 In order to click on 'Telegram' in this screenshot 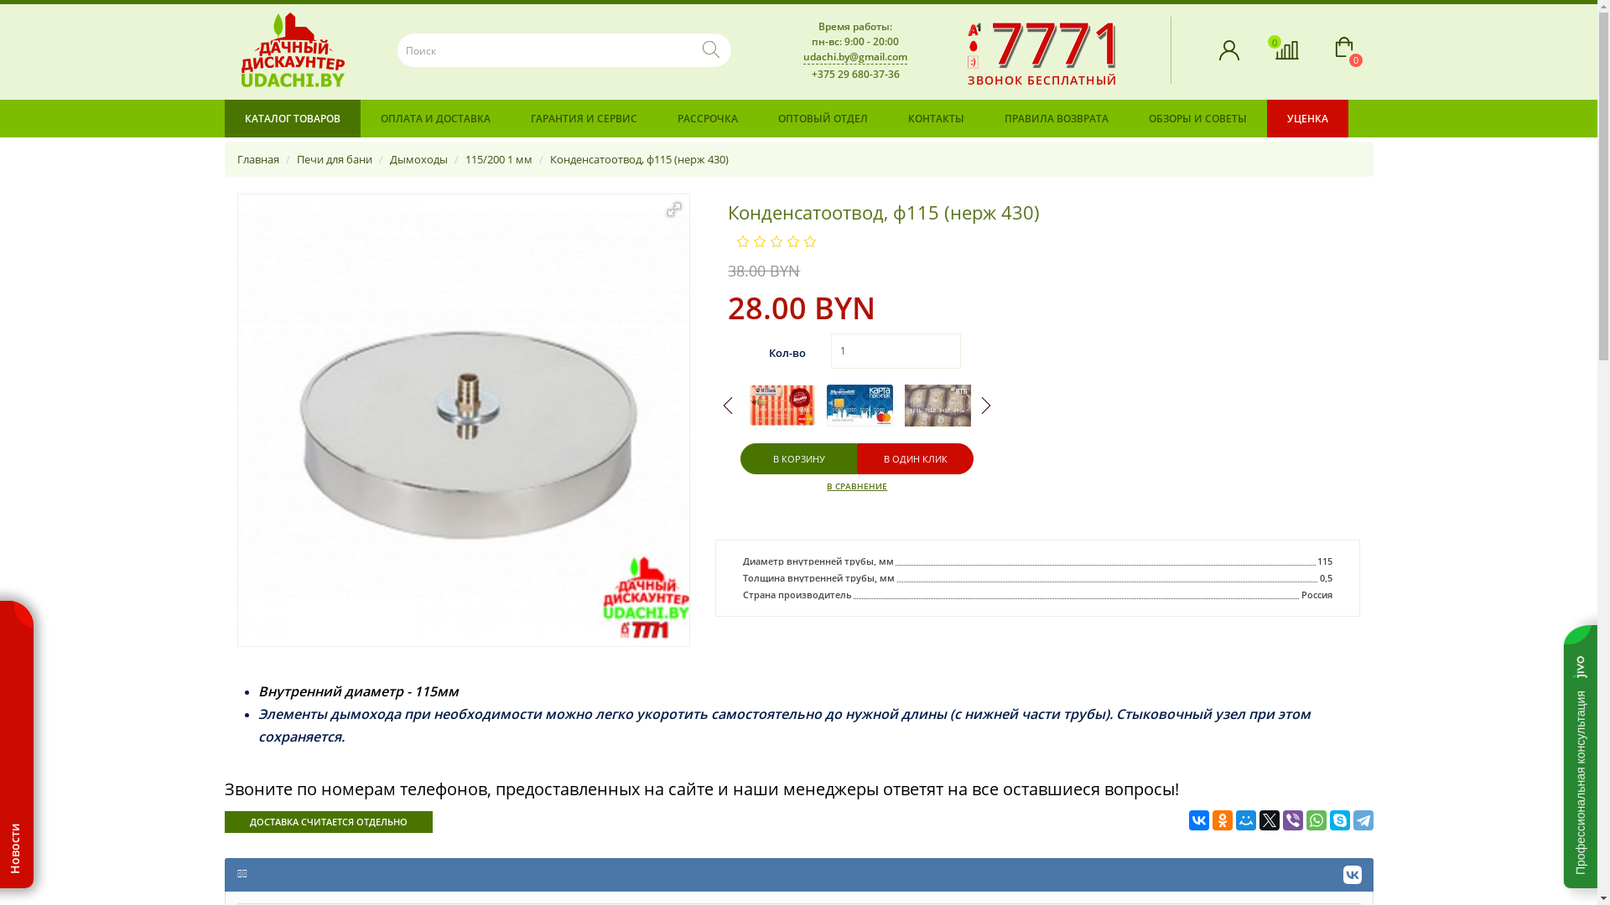, I will do `click(1363, 820)`.